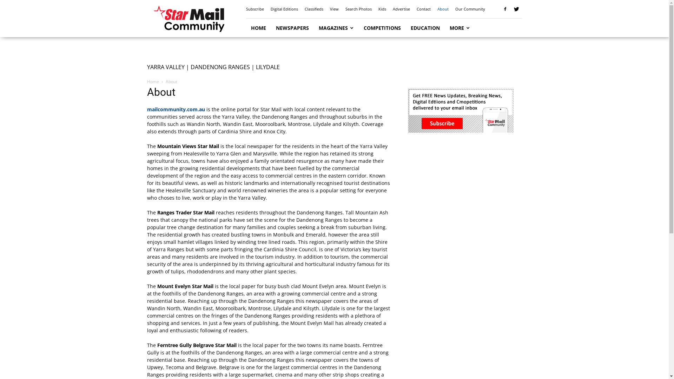 The image size is (674, 379). What do you see at coordinates (505, 9) in the screenshot?
I see `'Facebook'` at bounding box center [505, 9].